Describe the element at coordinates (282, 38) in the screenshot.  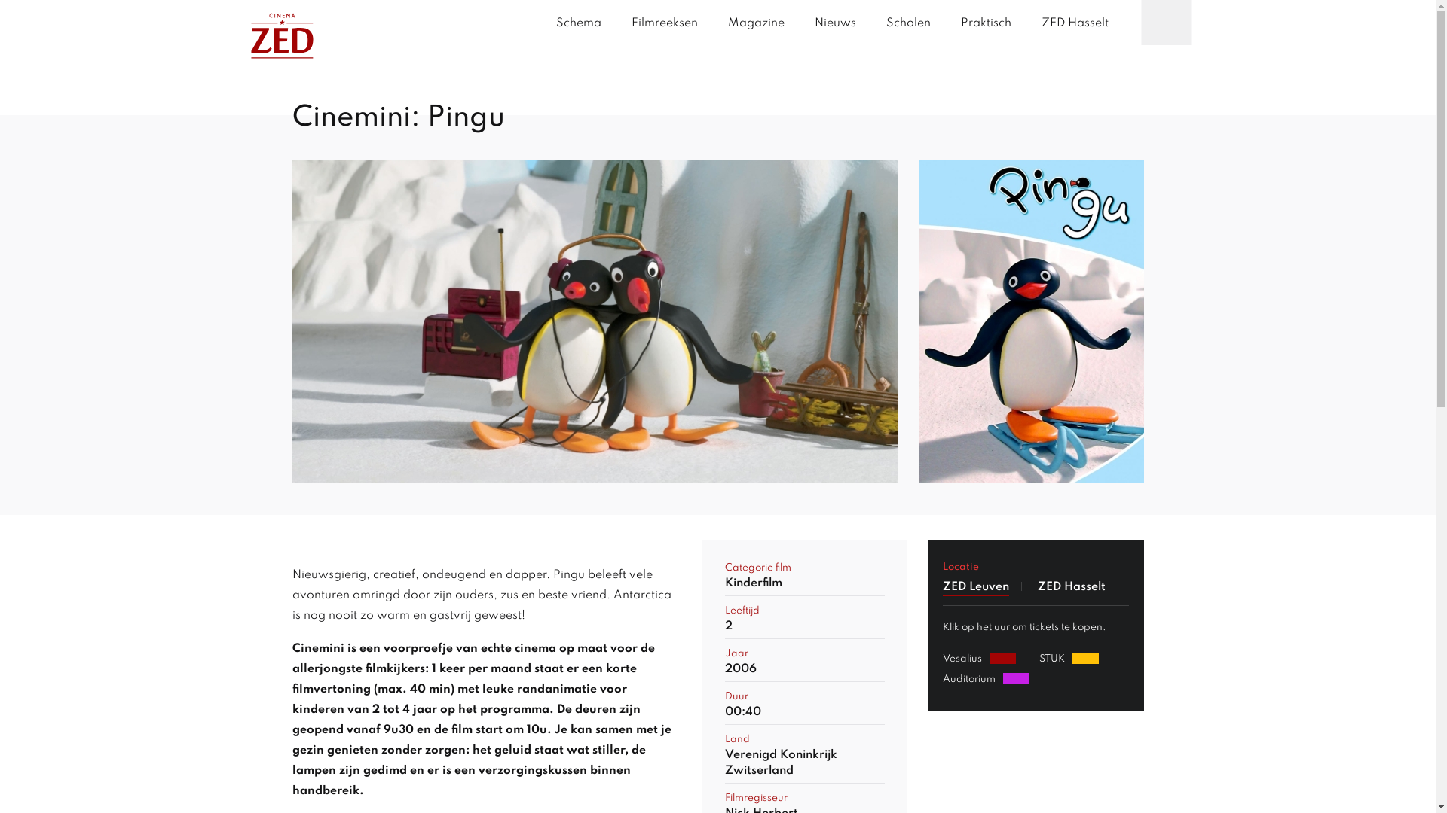
I see `'image/svg+xml'` at that location.